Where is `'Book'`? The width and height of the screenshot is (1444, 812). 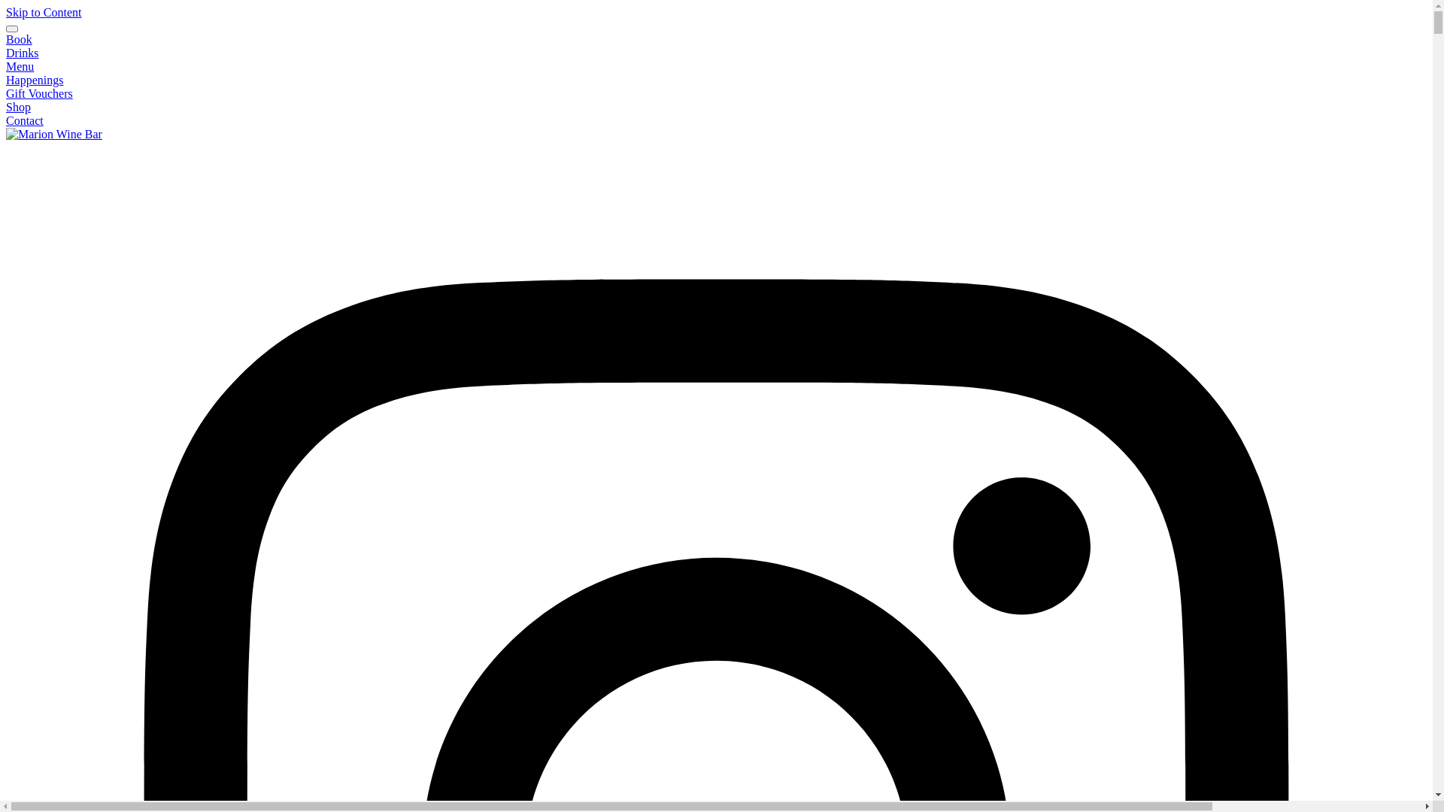 'Book' is located at coordinates (19, 38).